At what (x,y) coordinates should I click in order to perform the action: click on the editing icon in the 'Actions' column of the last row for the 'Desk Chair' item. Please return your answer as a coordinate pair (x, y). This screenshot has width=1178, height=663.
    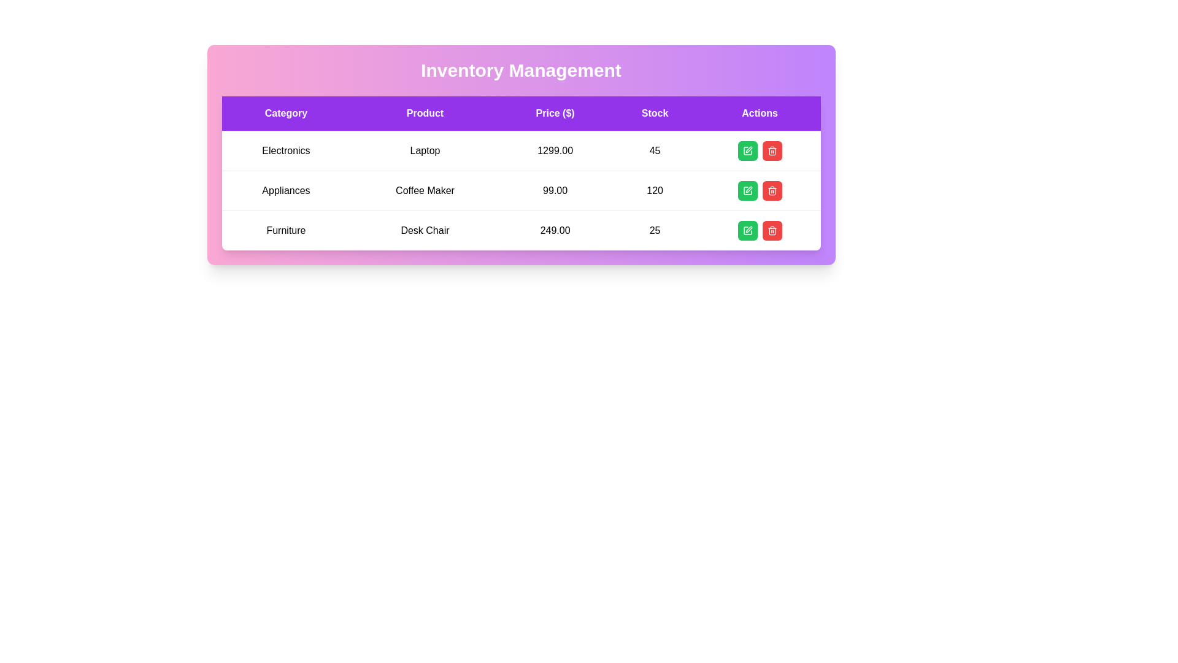
    Looking at the image, I should click on (748, 230).